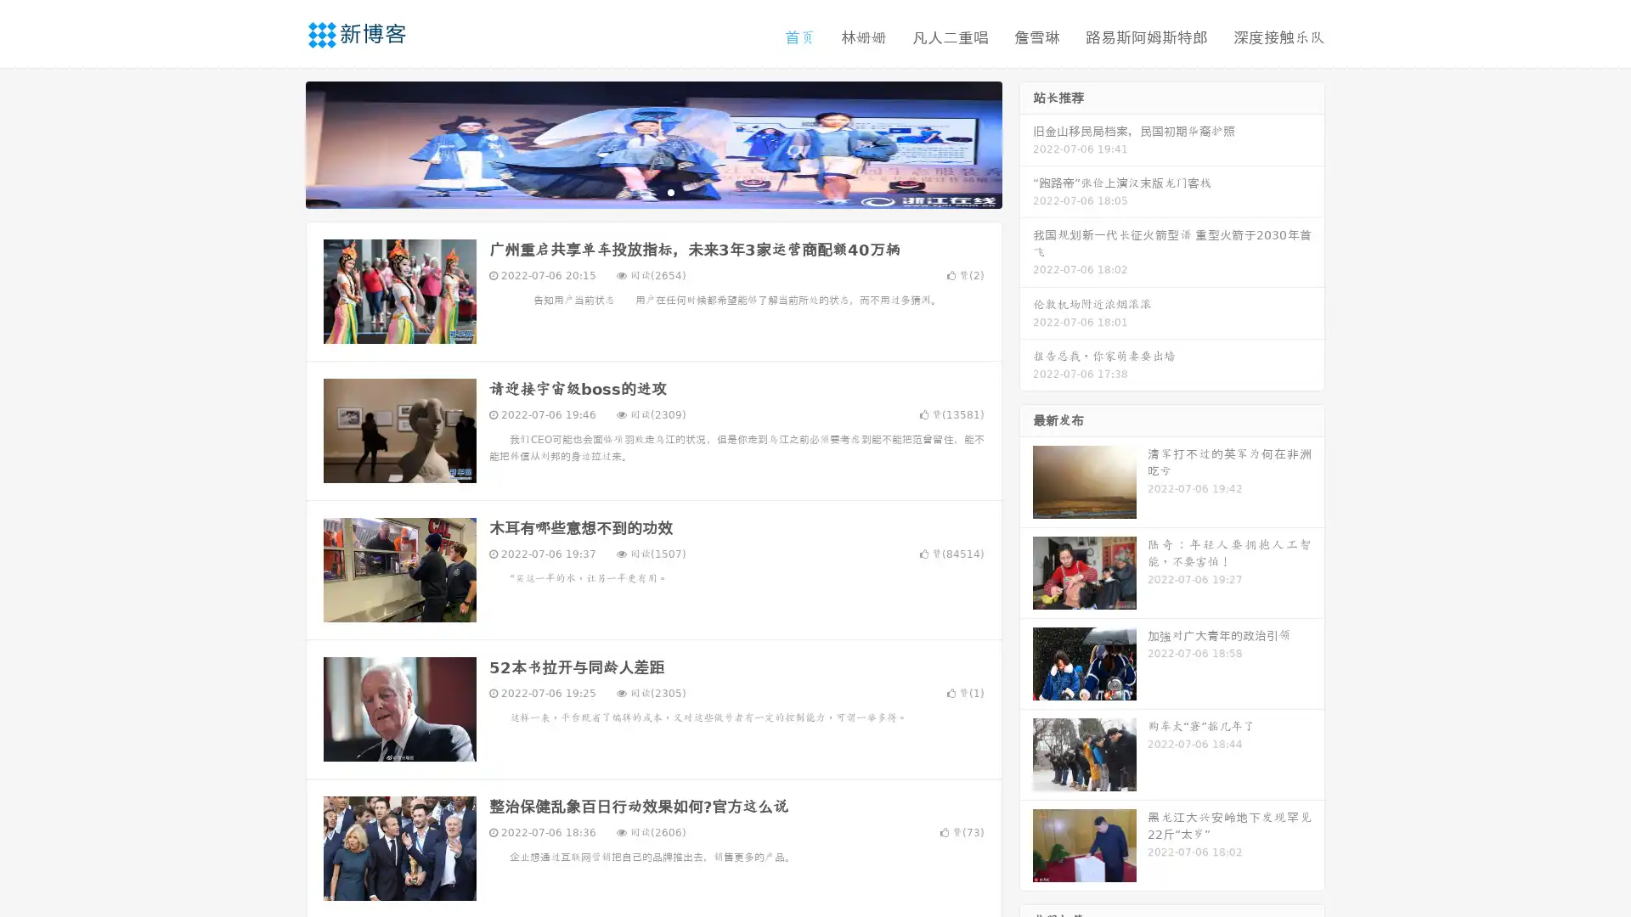 Image resolution: width=1631 pixels, height=917 pixels. Describe the element at coordinates (1026, 143) in the screenshot. I see `Next slide` at that location.